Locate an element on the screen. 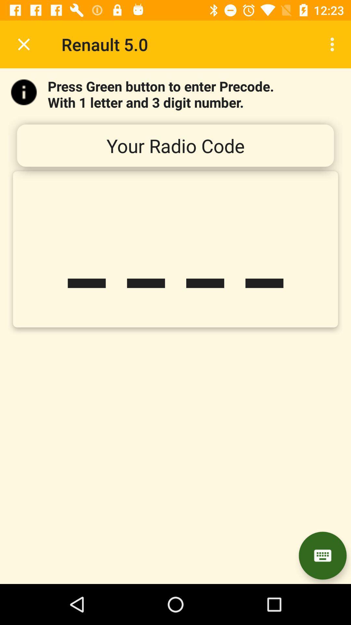 The image size is (351, 625). icon next to the renault 5.0 is located at coordinates (23, 44).